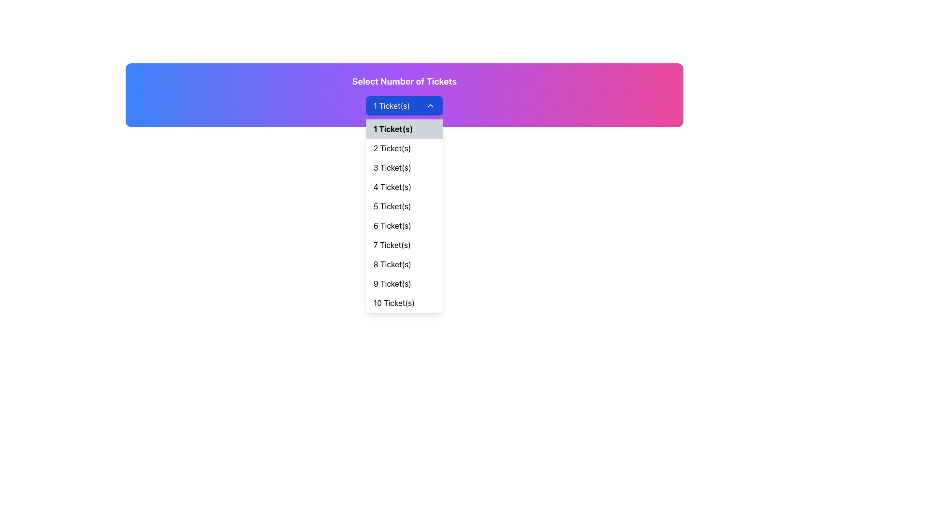 The height and width of the screenshot is (522, 928). Describe the element at coordinates (430, 106) in the screenshot. I see `the upward-pointing chevron icon located at the far-right side of the button labeled '1 Ticket(s)'` at that location.